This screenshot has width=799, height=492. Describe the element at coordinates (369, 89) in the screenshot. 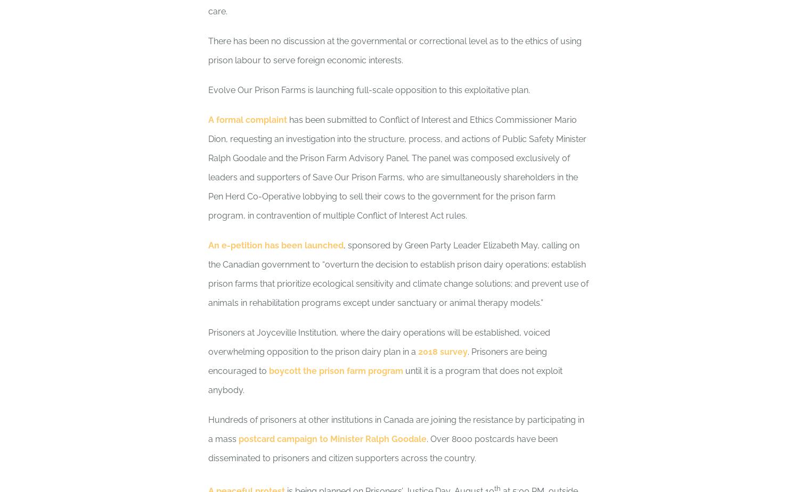

I see `'Evolve Our Prison Farms is launching full-scale opposition to this exploitative plan.'` at that location.